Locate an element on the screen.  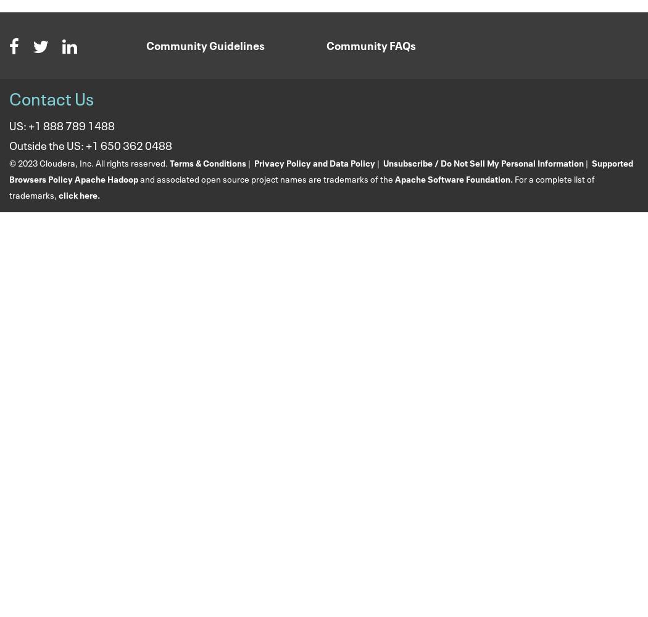
'Community Guidelines' is located at coordinates (205, 44).